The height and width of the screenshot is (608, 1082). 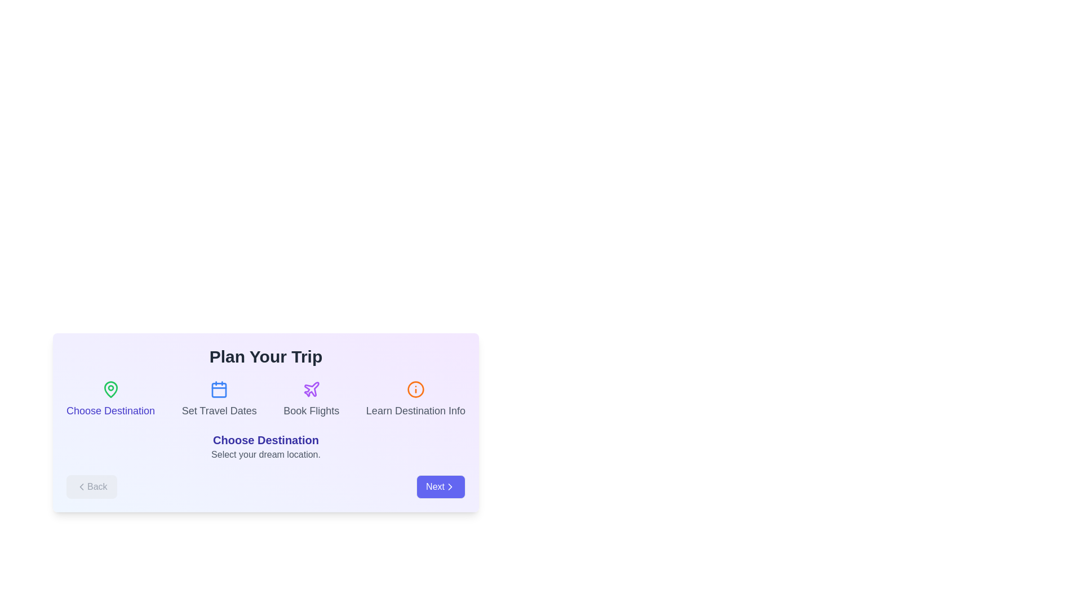 What do you see at coordinates (219, 388) in the screenshot?
I see `the calendar icon located directly above the text 'Set Travel Dates', which allows users to select or review travel dates` at bounding box center [219, 388].